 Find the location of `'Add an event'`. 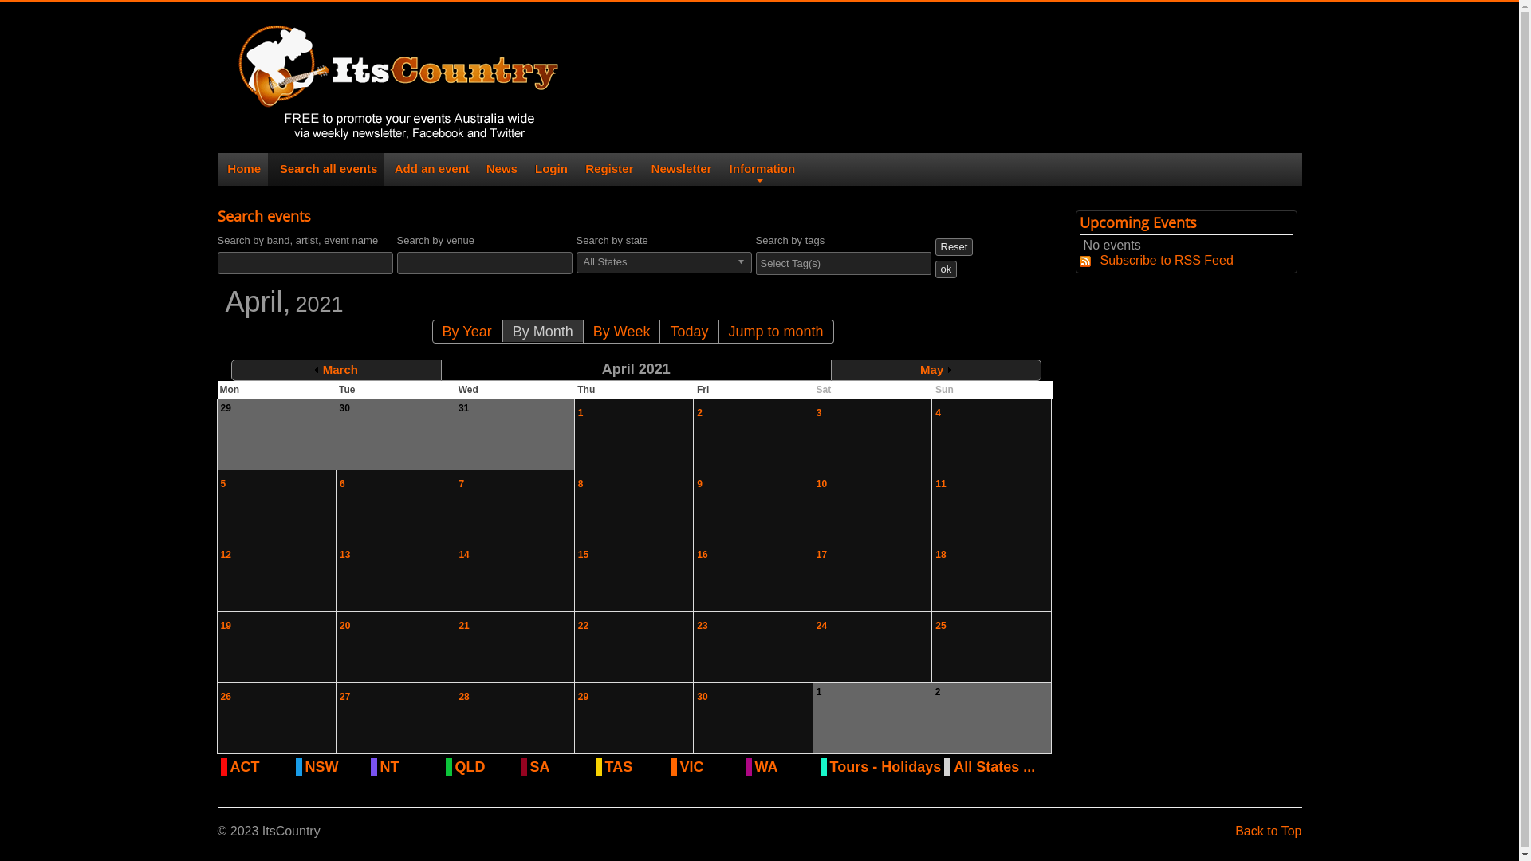

'Add an event' is located at coordinates (429, 169).